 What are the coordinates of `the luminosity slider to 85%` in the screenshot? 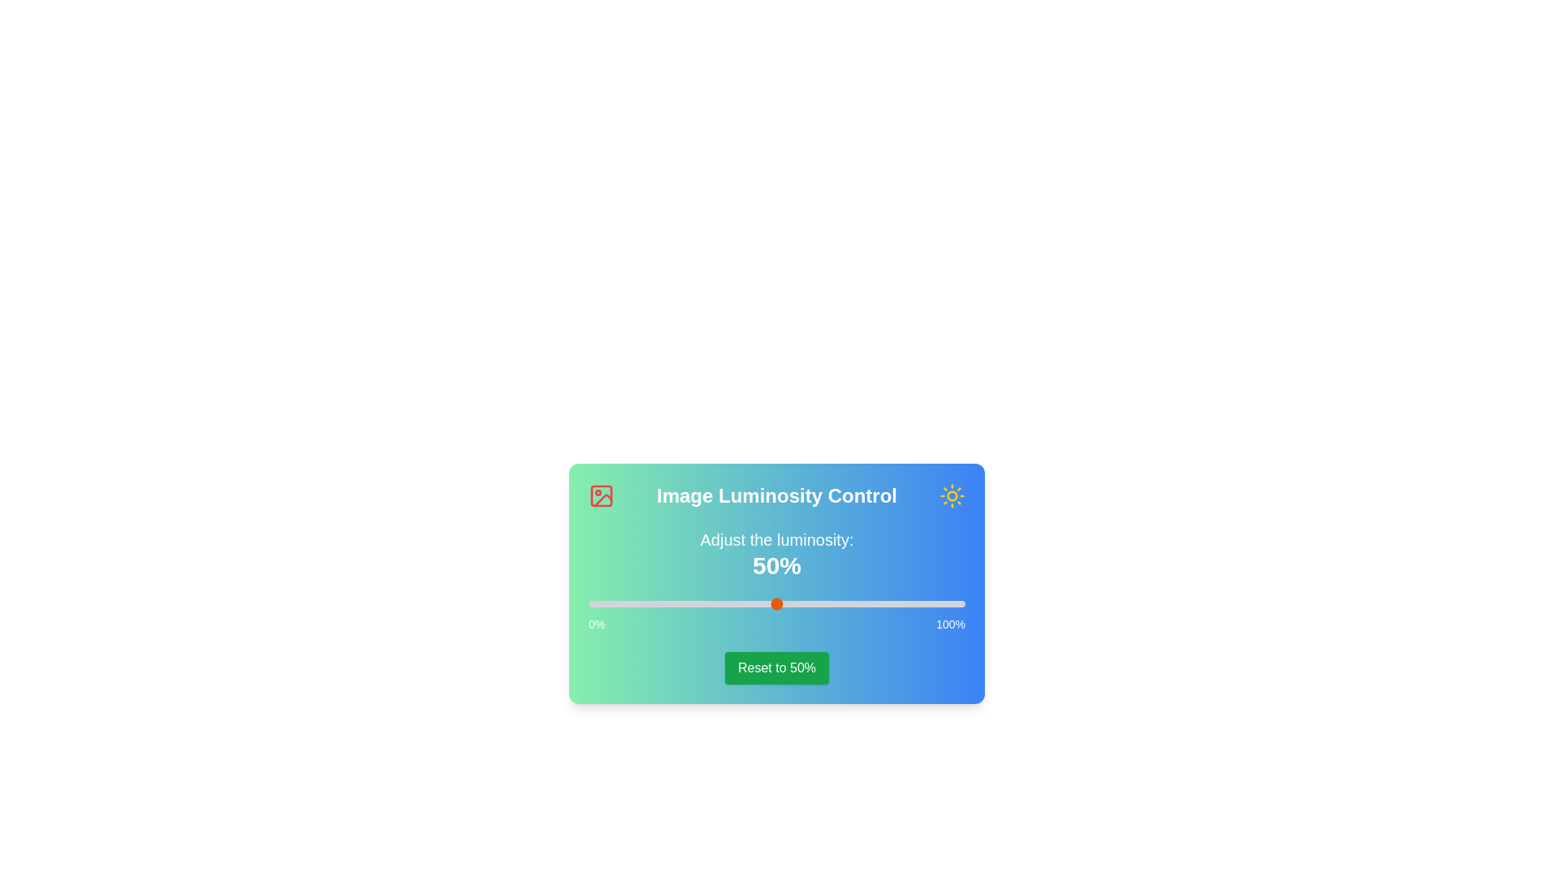 It's located at (908, 604).